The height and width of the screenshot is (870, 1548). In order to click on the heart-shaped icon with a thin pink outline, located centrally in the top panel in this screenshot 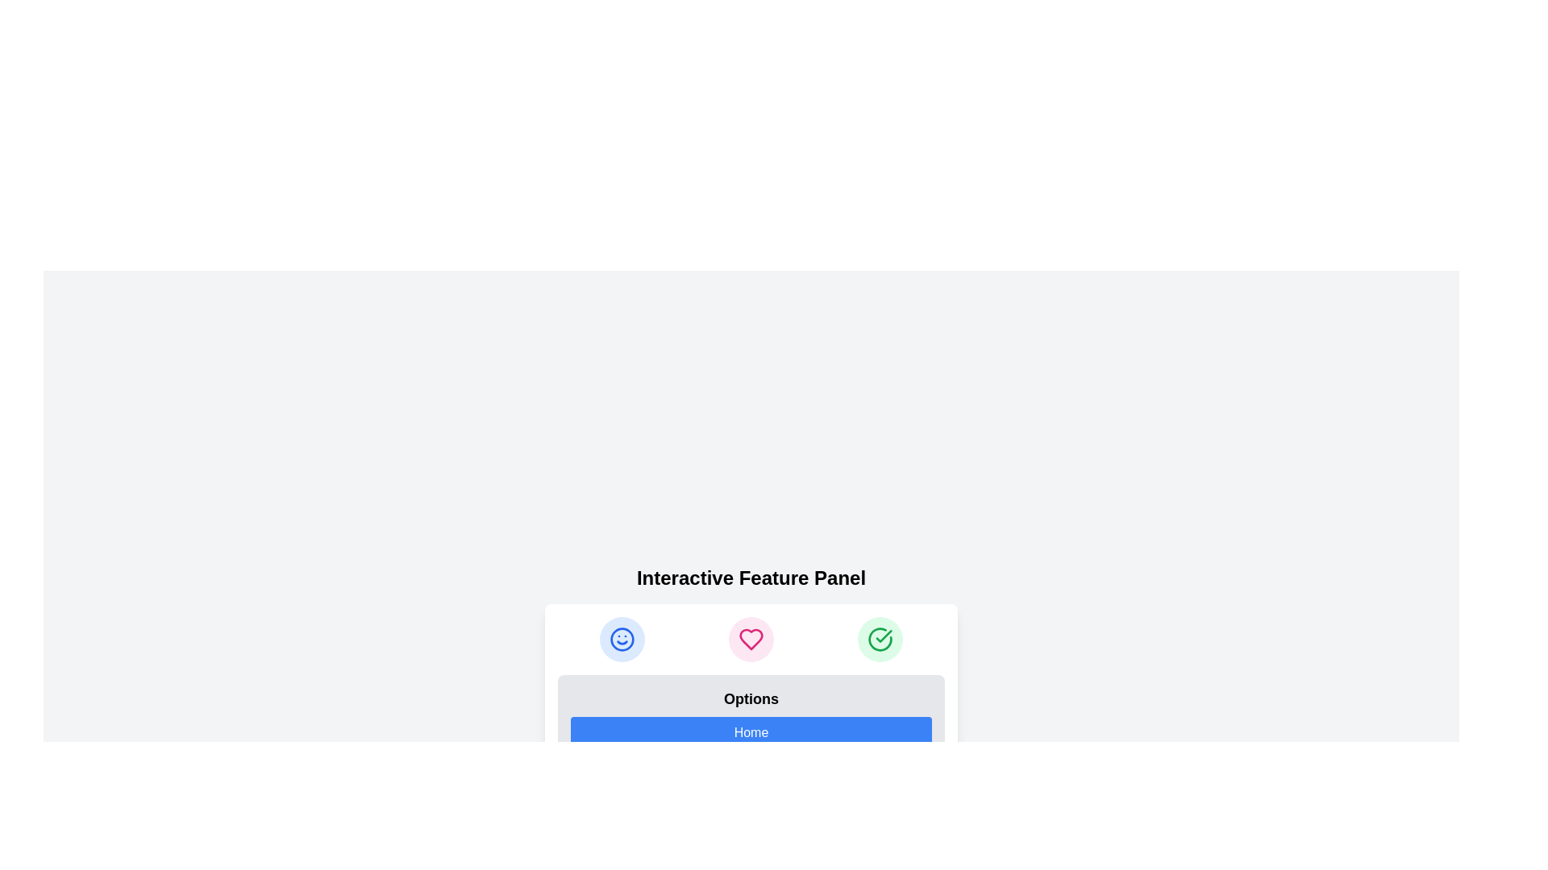, I will do `click(750, 639)`.